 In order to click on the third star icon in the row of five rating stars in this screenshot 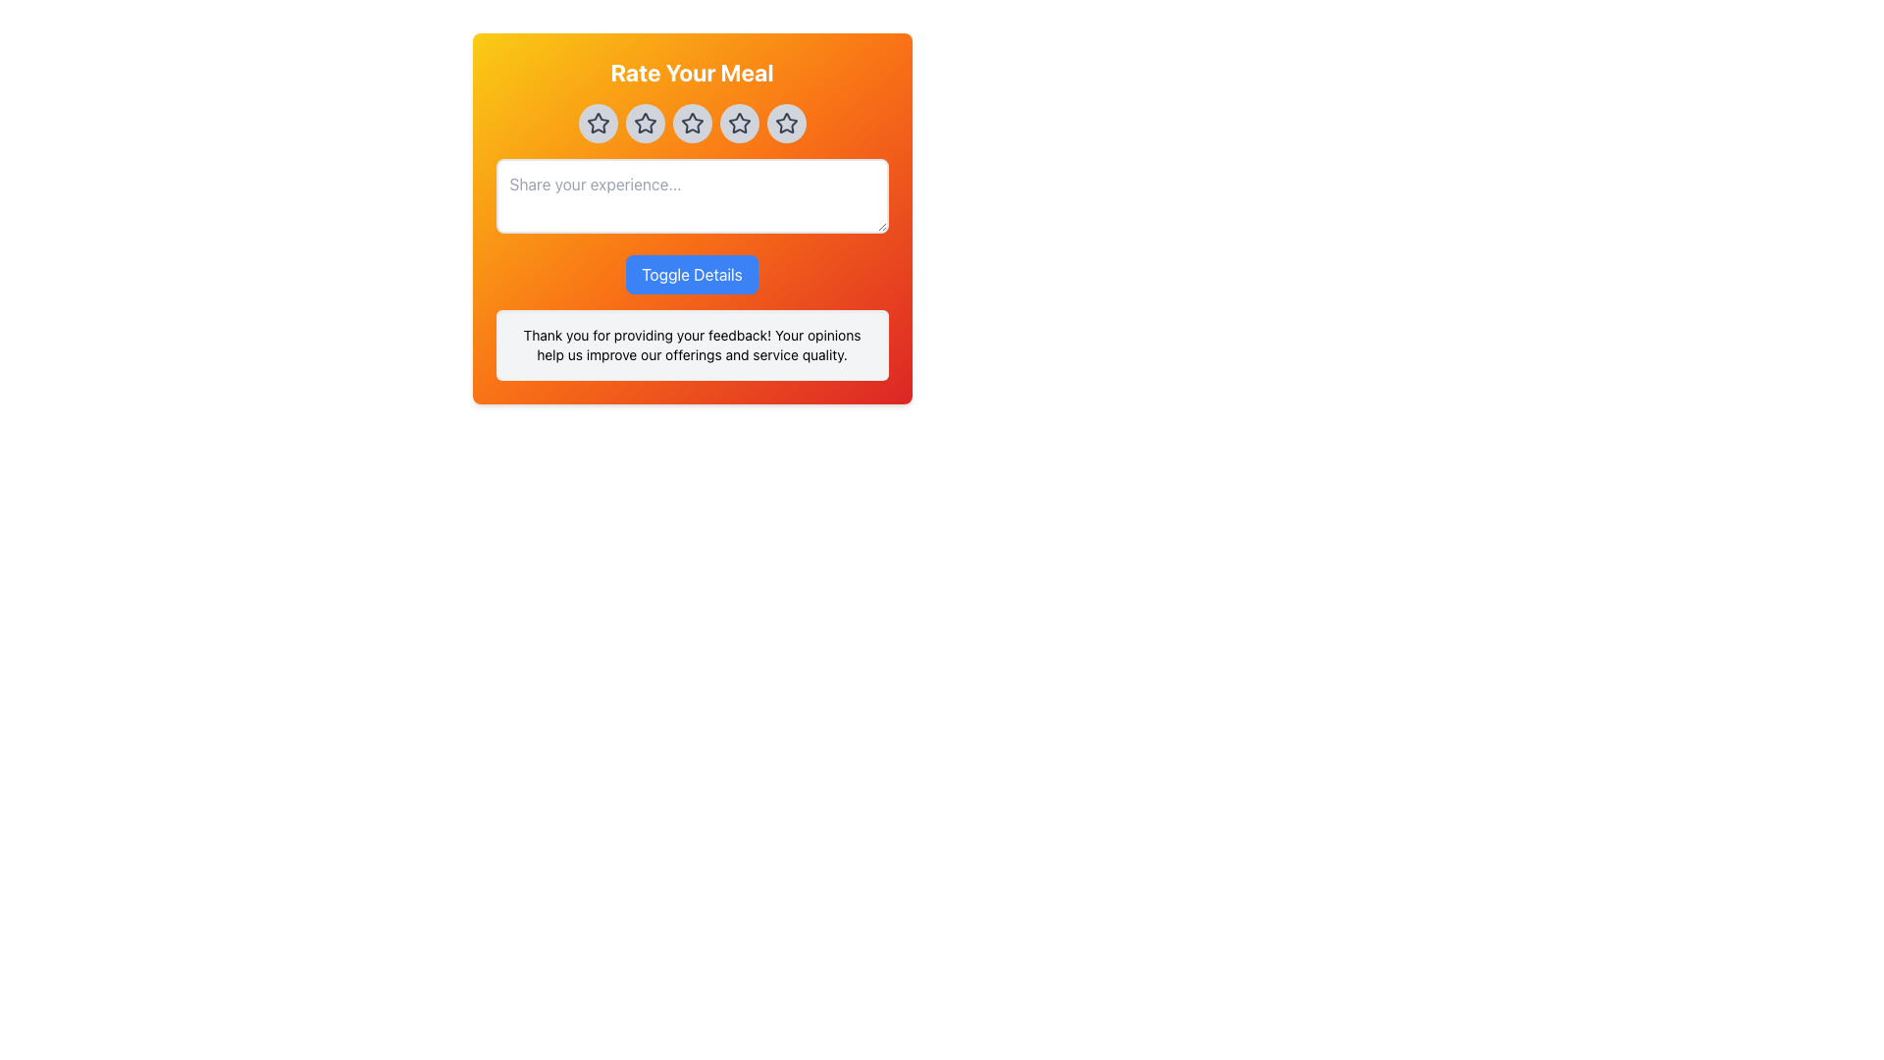, I will do `click(692, 124)`.